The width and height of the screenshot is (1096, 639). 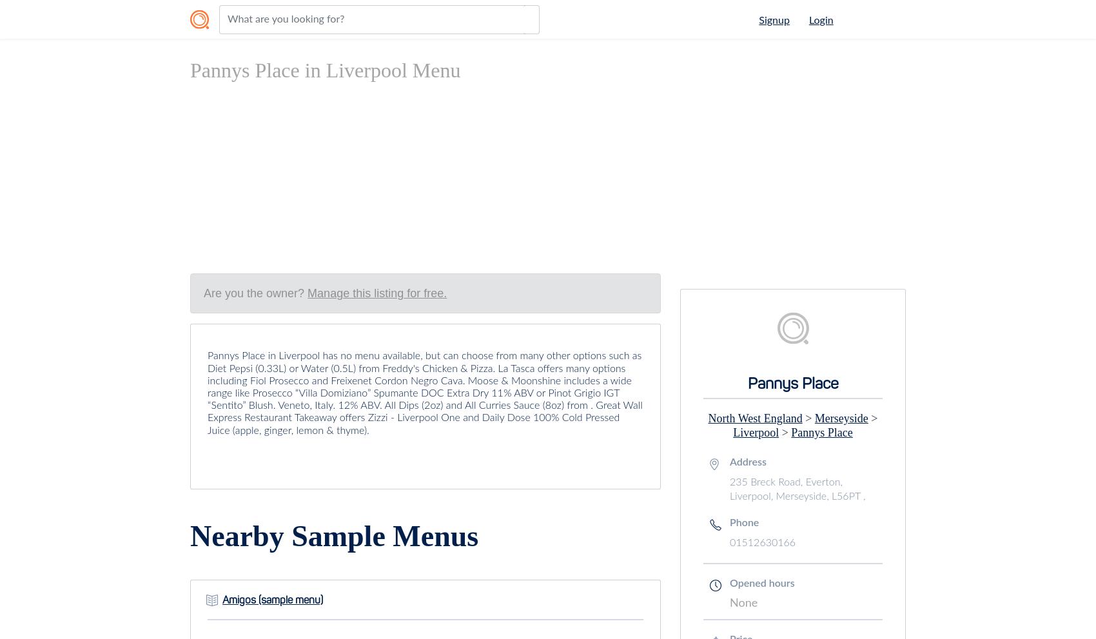 What do you see at coordinates (730, 522) in the screenshot?
I see `'Phone'` at bounding box center [730, 522].